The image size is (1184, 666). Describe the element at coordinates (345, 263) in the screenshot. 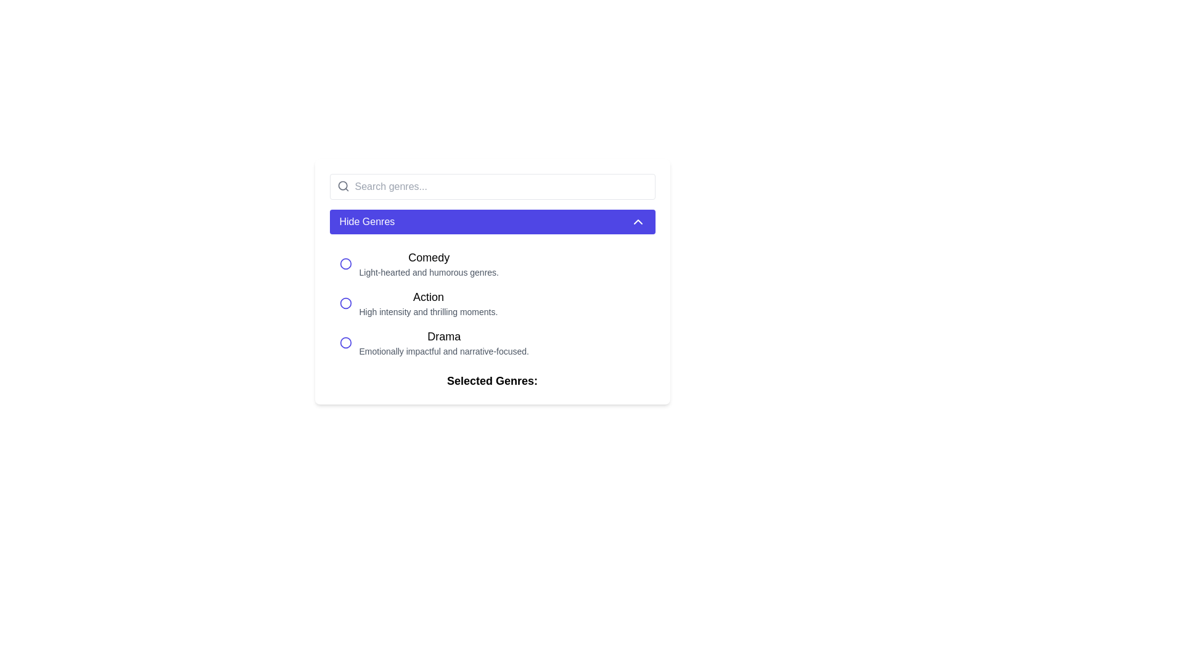

I see `the circular SVG graphic element that serves as a selection indicator for genres` at that location.